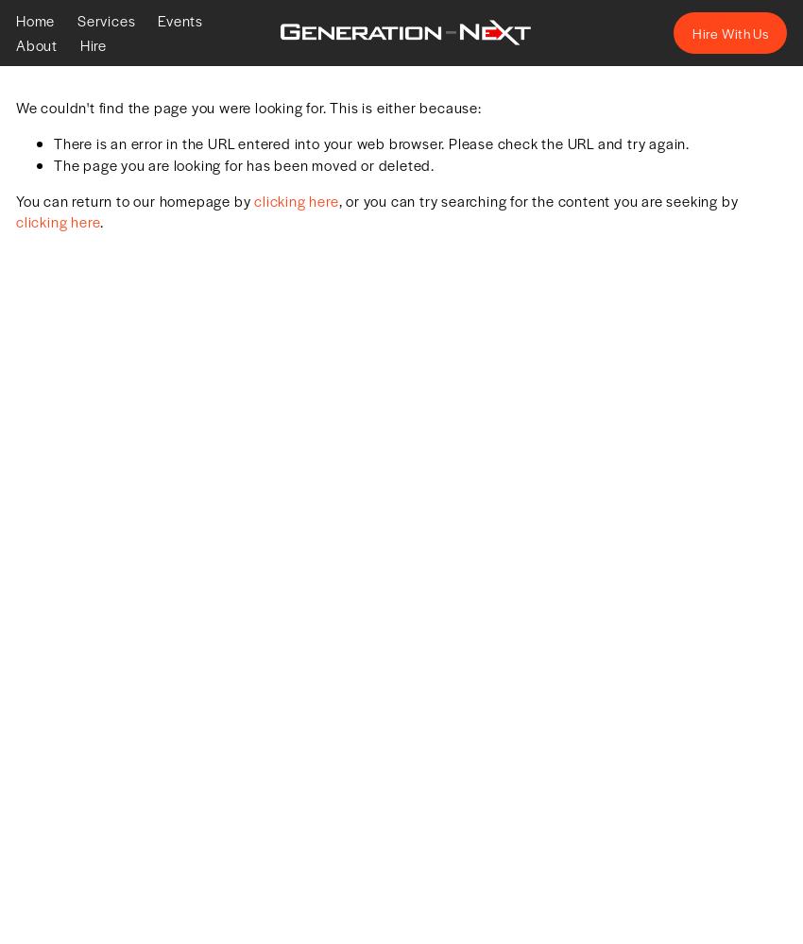  Describe the element at coordinates (36, 43) in the screenshot. I see `'About'` at that location.